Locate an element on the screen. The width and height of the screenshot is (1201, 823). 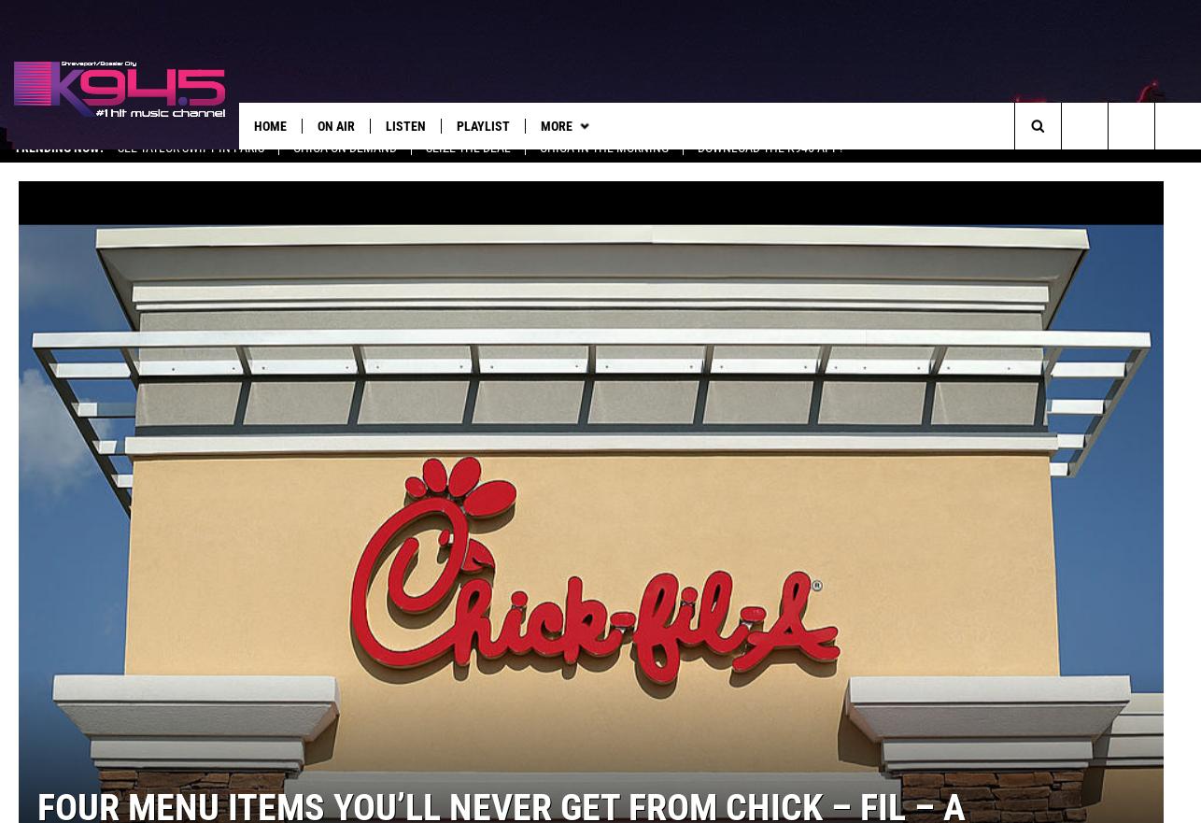
'More' is located at coordinates (556, 125).